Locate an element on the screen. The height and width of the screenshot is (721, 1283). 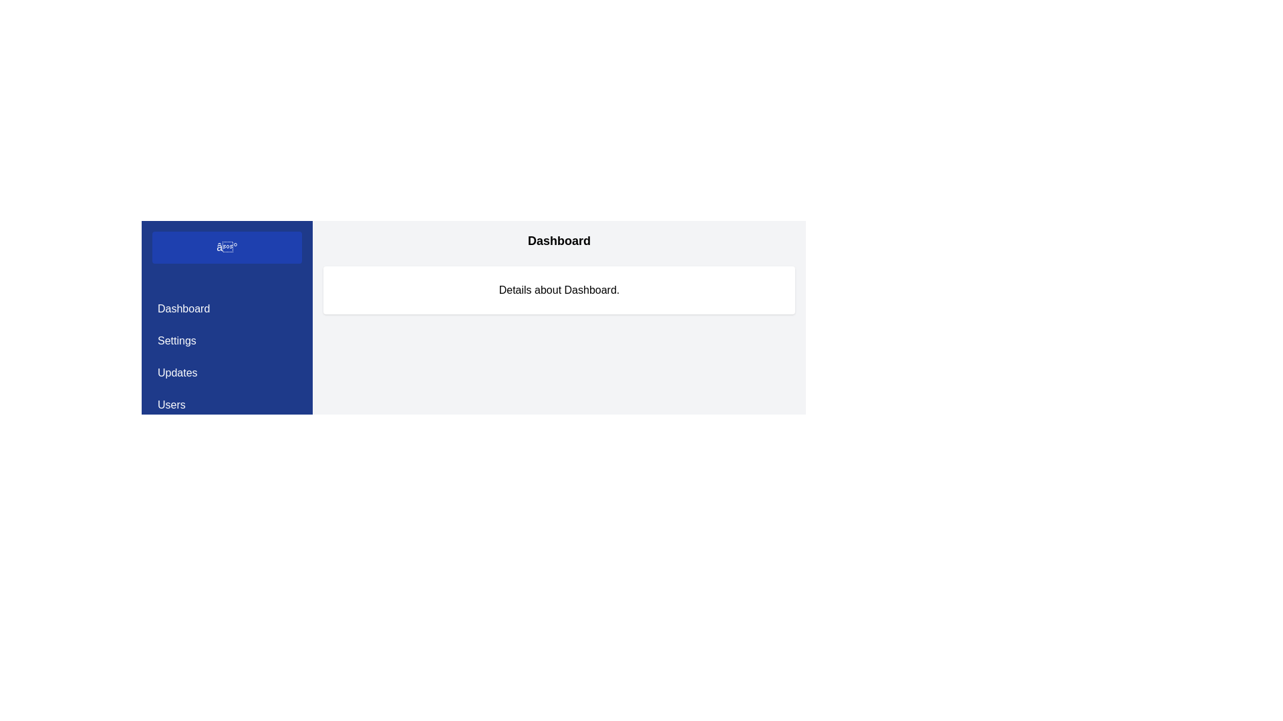
the navigation label located in the left sidebar, positioned below the 'Settings' item and above the 'Users' item is located at coordinates (176, 373).